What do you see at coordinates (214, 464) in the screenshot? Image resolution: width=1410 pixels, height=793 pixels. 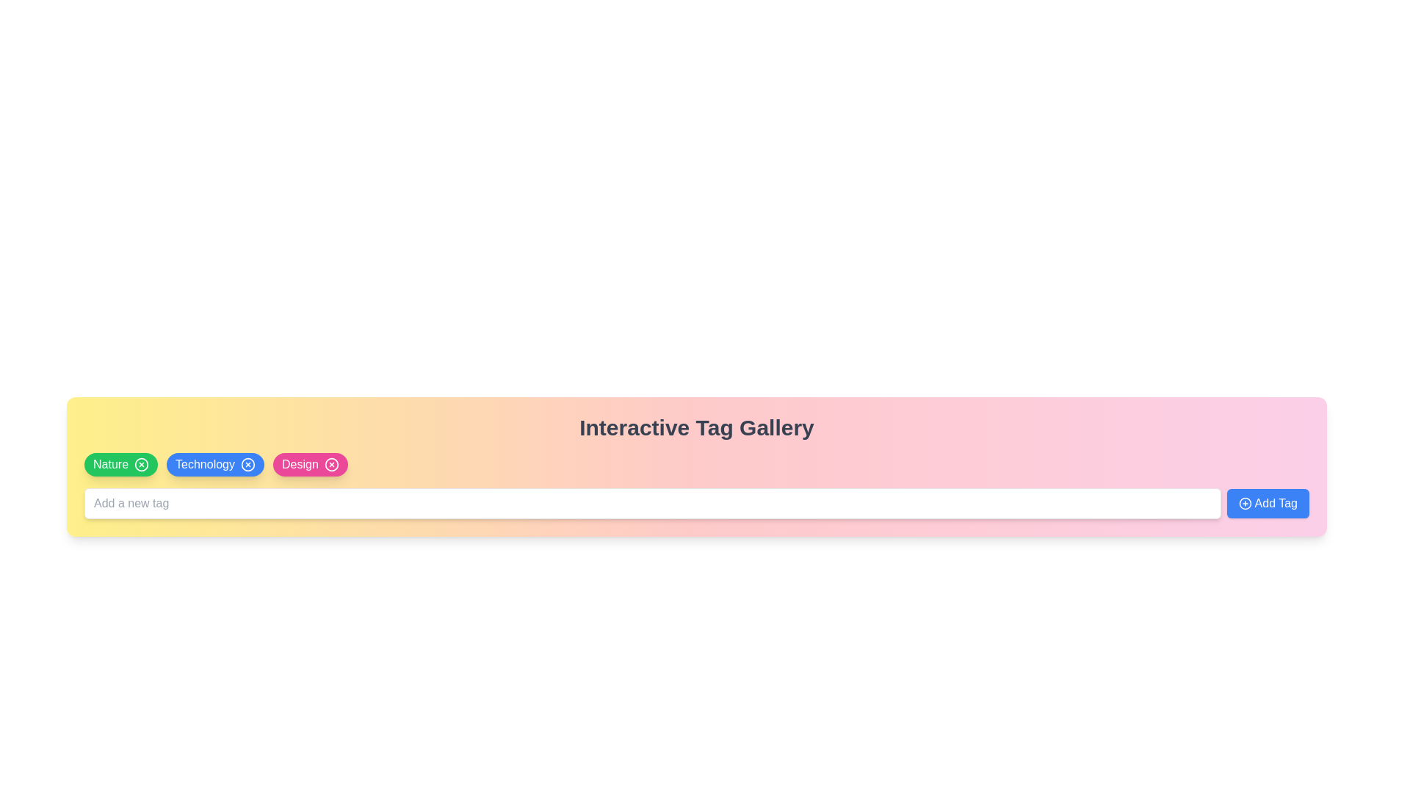 I see `the cross icon on the 'Technology' tag` at bounding box center [214, 464].